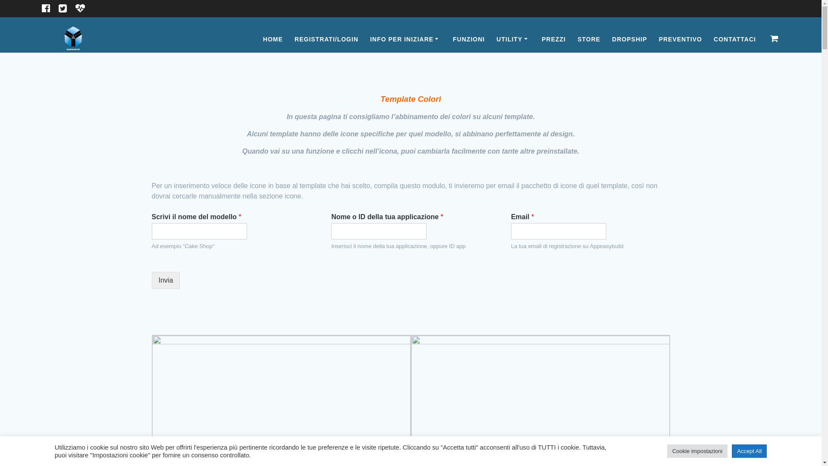 This screenshot has width=828, height=466. I want to click on 'UTILITY', so click(513, 39).